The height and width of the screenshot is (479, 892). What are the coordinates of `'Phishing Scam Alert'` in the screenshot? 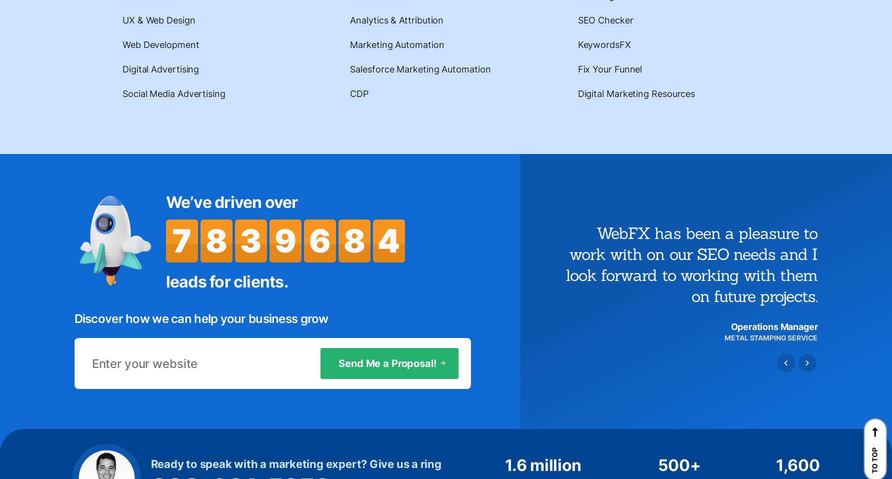 It's located at (499, 251).